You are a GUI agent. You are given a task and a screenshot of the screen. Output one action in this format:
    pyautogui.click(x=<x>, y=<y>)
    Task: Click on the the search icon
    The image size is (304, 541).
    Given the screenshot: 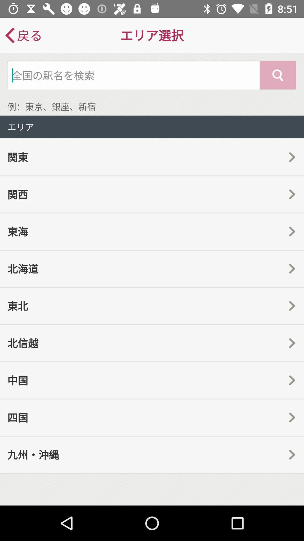 What is the action you would take?
    pyautogui.click(x=278, y=75)
    